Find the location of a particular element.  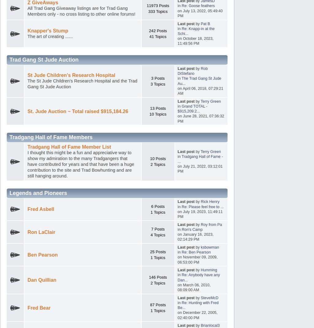

'on June 28, 2021, 07:36:32 PM' is located at coordinates (200, 118).